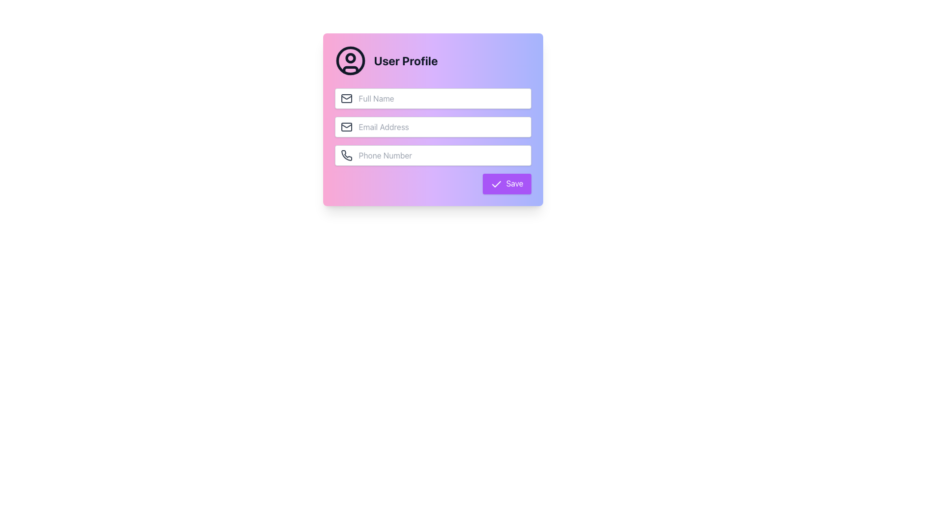 Image resolution: width=943 pixels, height=530 pixels. What do you see at coordinates (406, 60) in the screenshot?
I see `the 'User Profile' text label, which is displayed in bold and large font, located to the right of the user profile icon in the header layout` at bounding box center [406, 60].